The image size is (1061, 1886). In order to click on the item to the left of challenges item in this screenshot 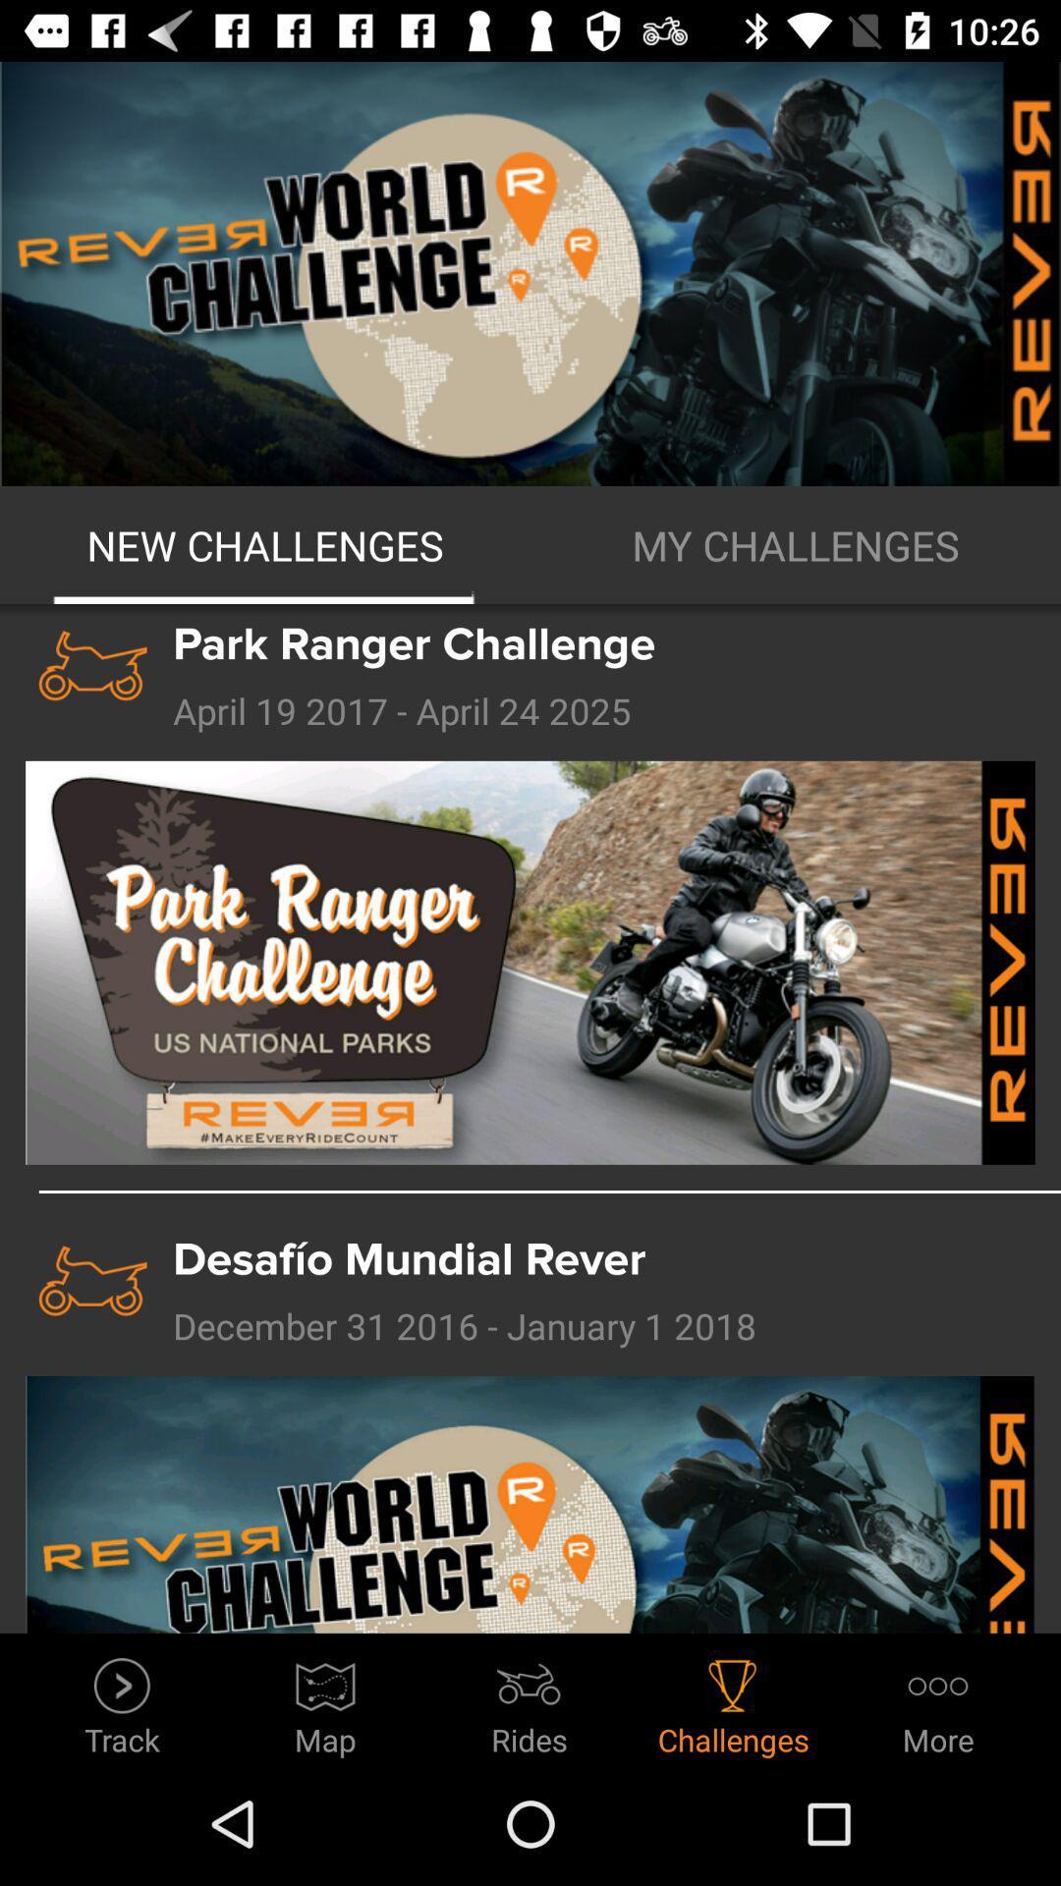, I will do `click(529, 1700)`.